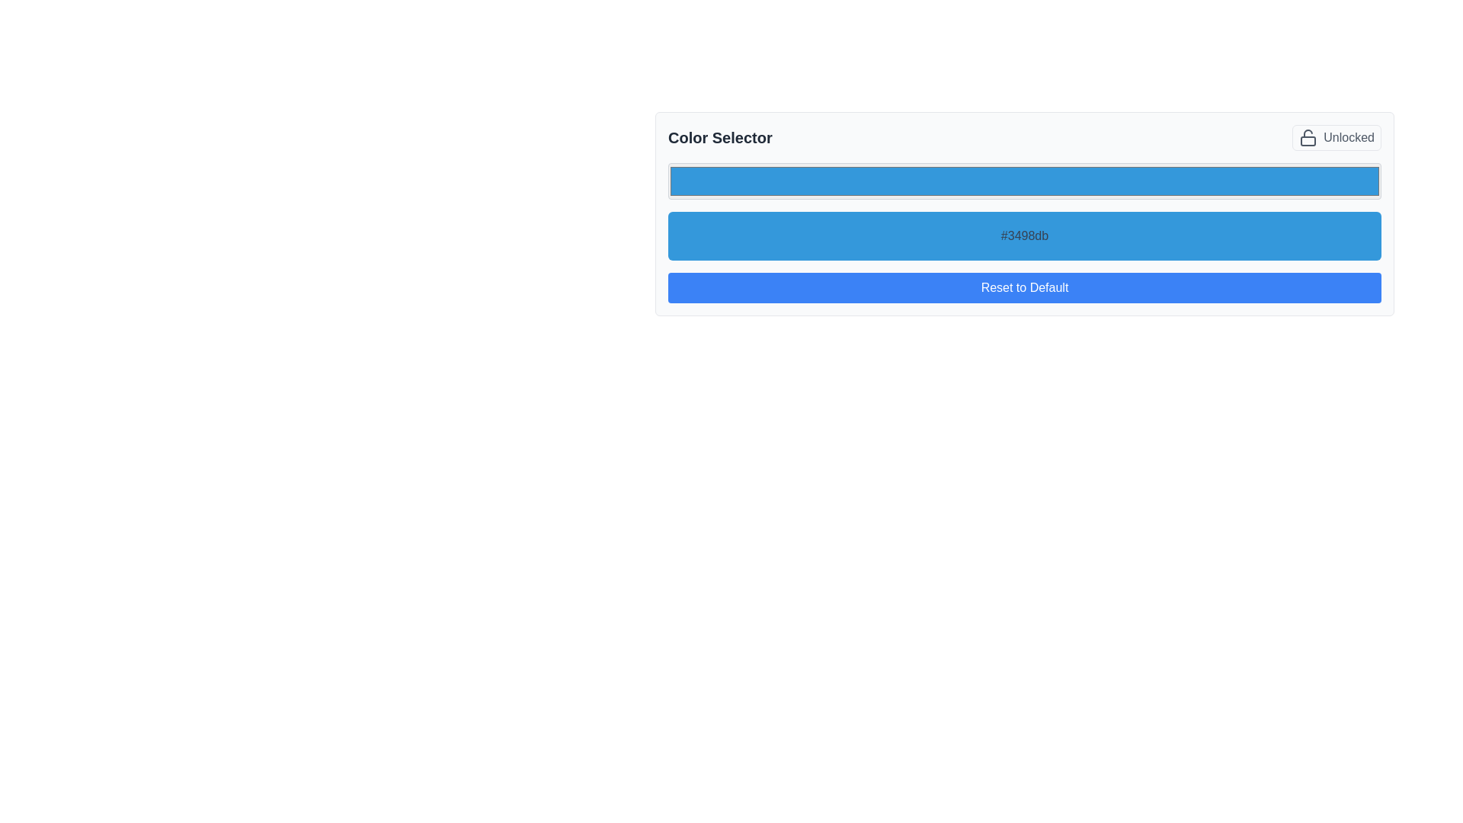 This screenshot has height=823, width=1463. Describe the element at coordinates (1024, 229) in the screenshot. I see `text content of the text node displaying the string '#3498db', which is centered horizontally within a blue background and located beneath the title 'Color Selector'` at that location.